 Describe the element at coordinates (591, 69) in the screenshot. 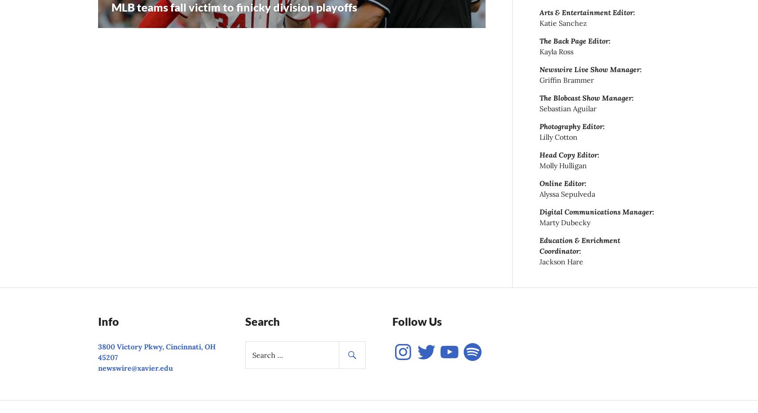

I see `'Newswire Live Show Manager:'` at that location.